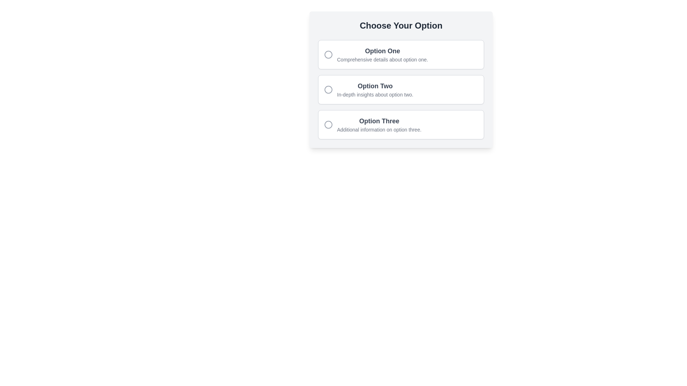  What do you see at coordinates (328, 89) in the screenshot?
I see `the circular SVG graphic styled as a ring, which is positioned to the left of the text 'Option Two' in the 'Choose Your Option' group` at bounding box center [328, 89].